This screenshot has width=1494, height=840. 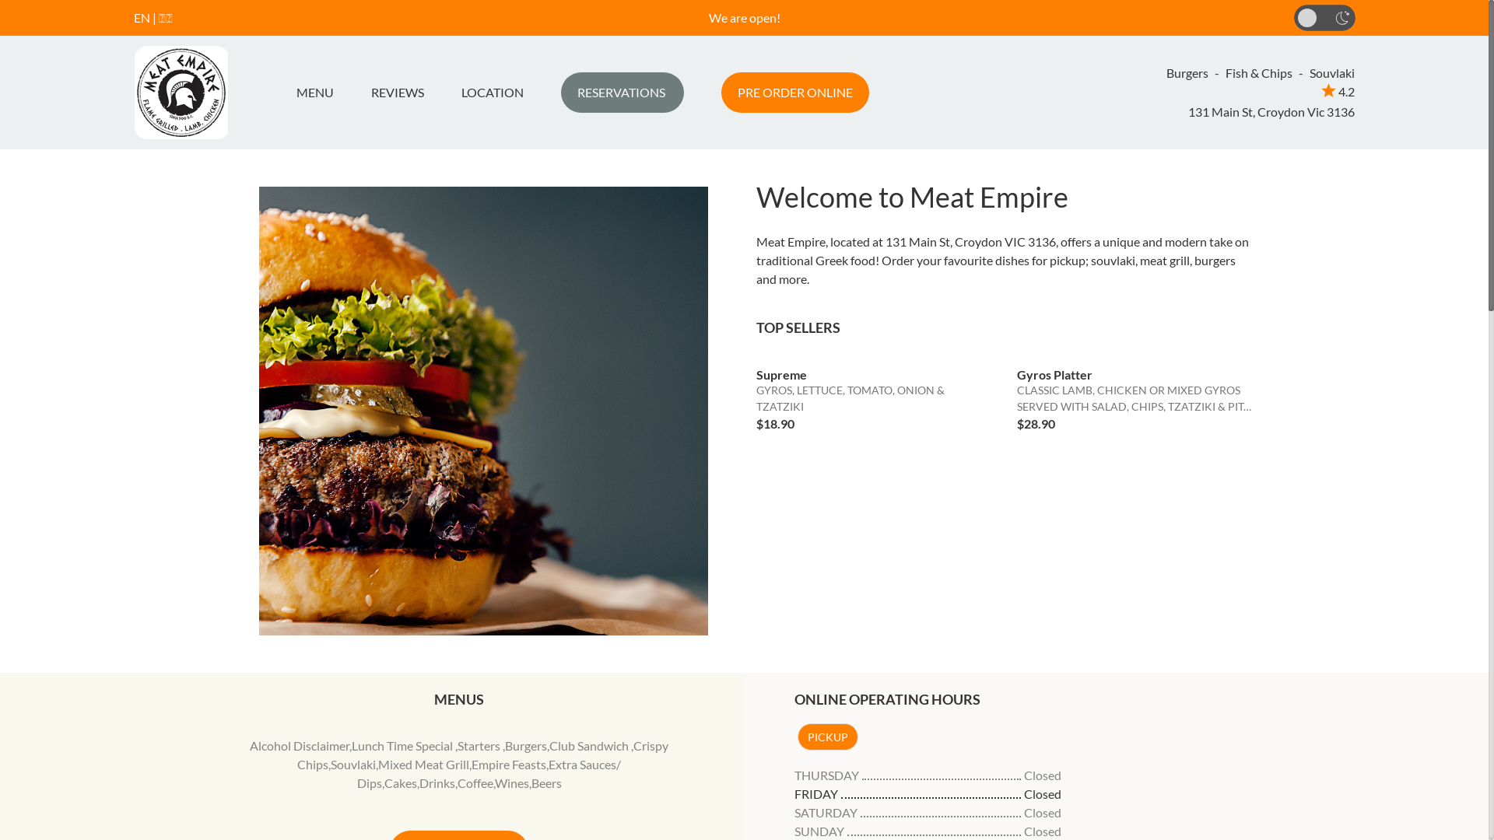 I want to click on 'LOCATION', so click(x=491, y=93).